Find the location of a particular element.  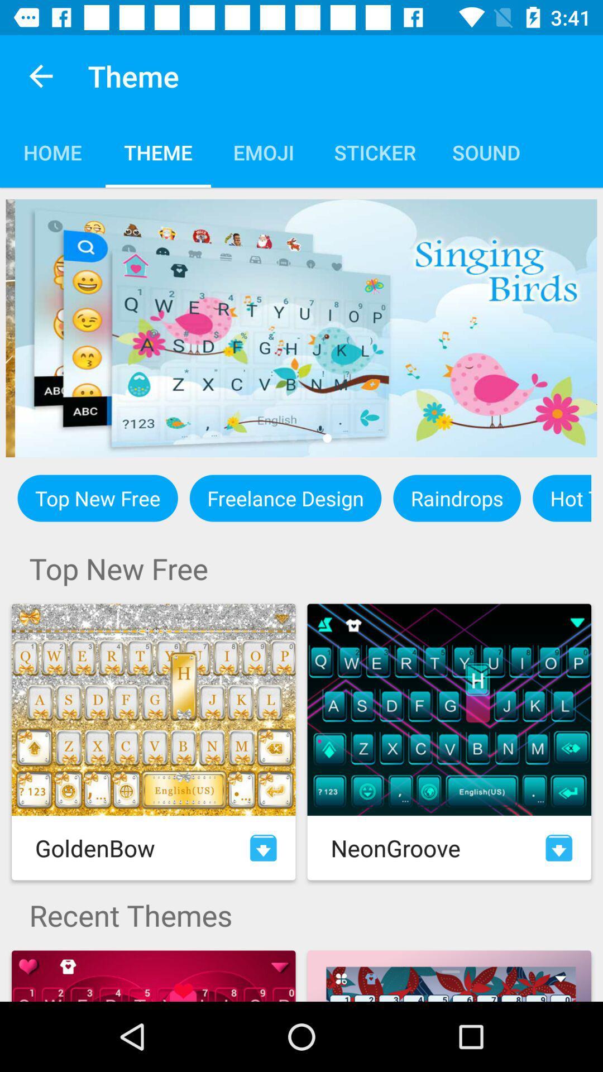

the icon next to raindrops item is located at coordinates (562, 497).